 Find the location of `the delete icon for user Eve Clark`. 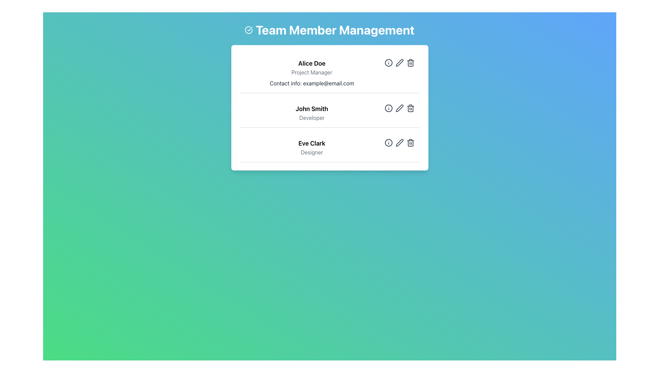

the delete icon for user Eve Clark is located at coordinates (410, 143).